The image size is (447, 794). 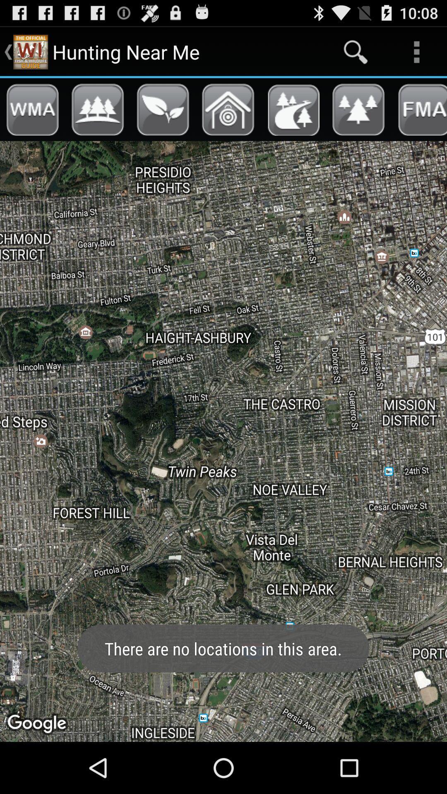 What do you see at coordinates (228, 109) in the screenshot?
I see `location` at bounding box center [228, 109].